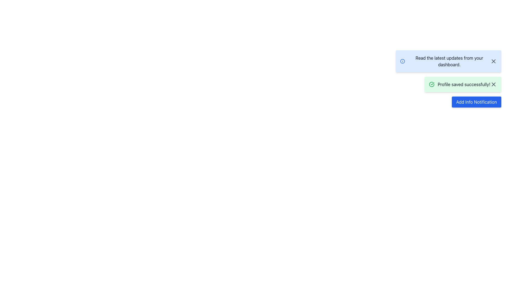 Image resolution: width=528 pixels, height=297 pixels. Describe the element at coordinates (494, 84) in the screenshot. I see `the Close Button located in the upper-right corner of the green notification box that states 'Profile saved successfully!'` at that location.